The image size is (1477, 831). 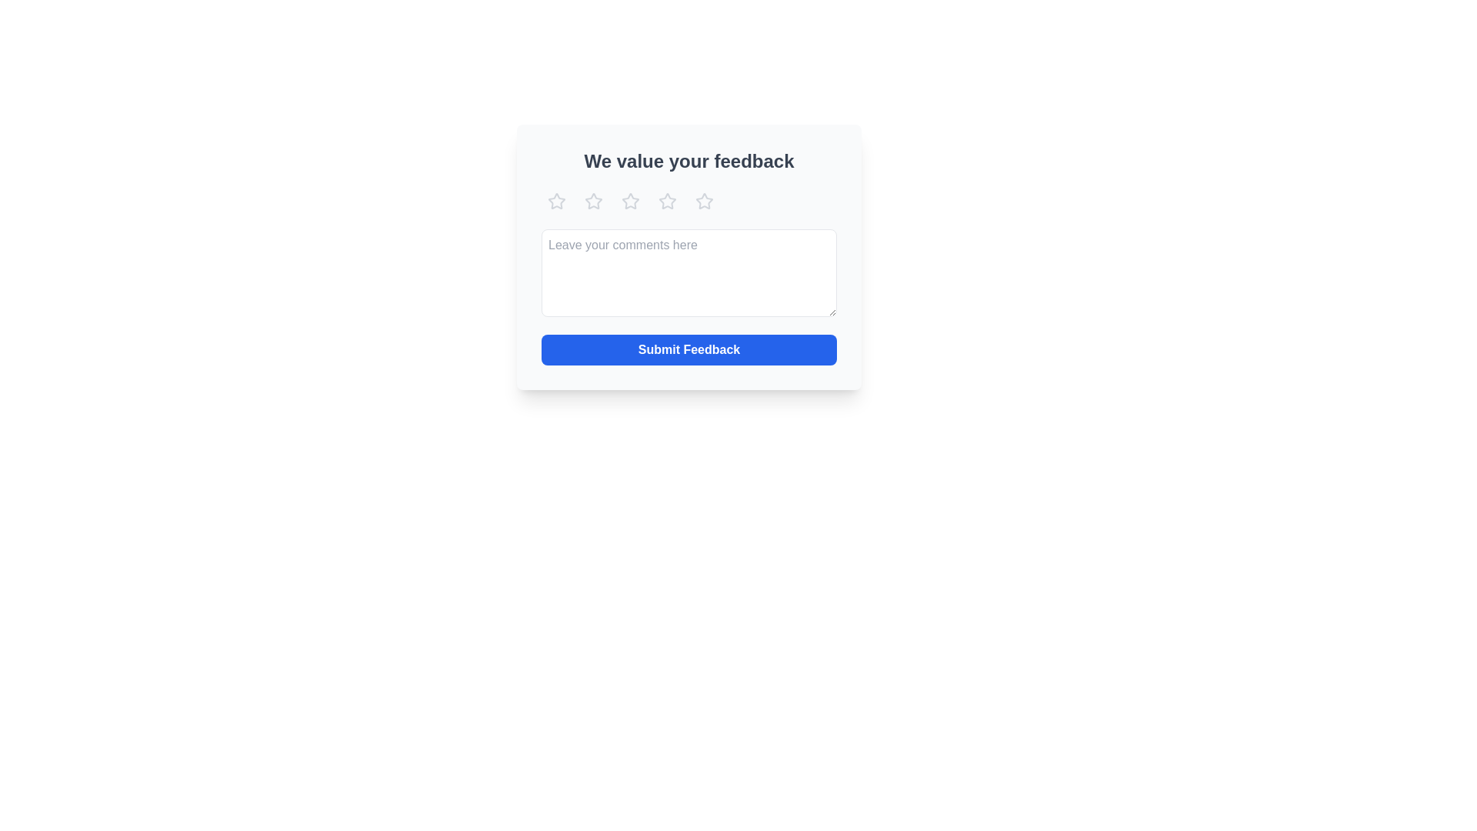 I want to click on the fifth star-shaped icon in the row of star icons in the feedback section of the interface, so click(x=704, y=200).